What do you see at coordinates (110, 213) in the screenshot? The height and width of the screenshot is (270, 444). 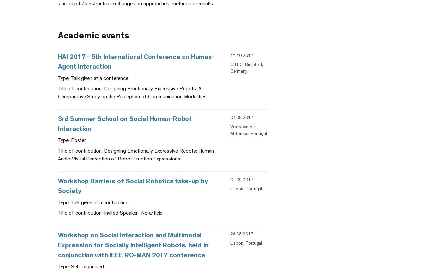 I see `'Title of contribution: Invited Speaker- No article'` at bounding box center [110, 213].